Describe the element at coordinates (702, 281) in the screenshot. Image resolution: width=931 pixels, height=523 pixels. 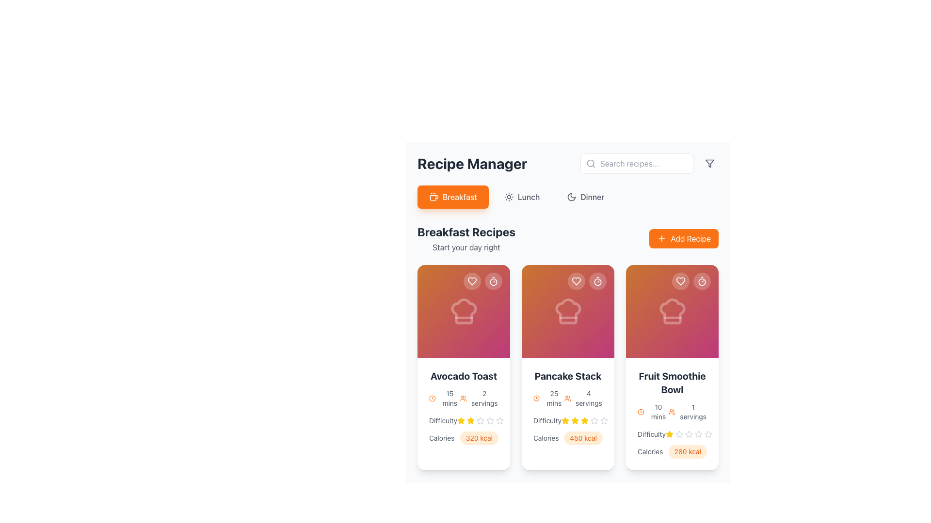
I see `the interactive timer icon located in the upper-right corner of the third recipe card, which is centered inside a semi-transparent circular button` at that location.